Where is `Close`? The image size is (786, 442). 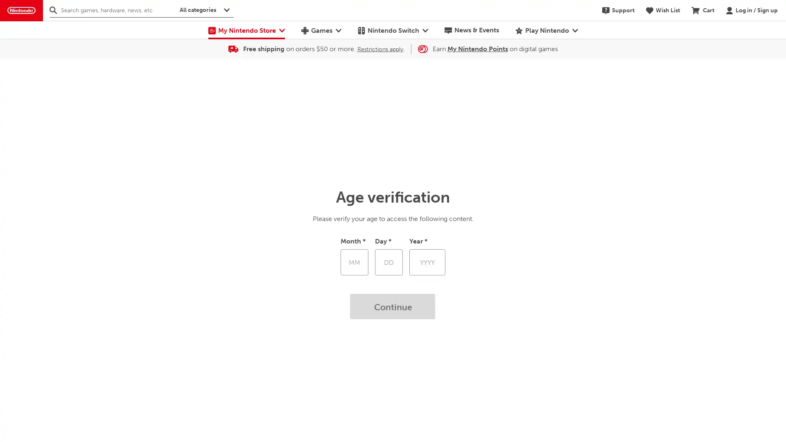
Close is located at coordinates (774, 47).